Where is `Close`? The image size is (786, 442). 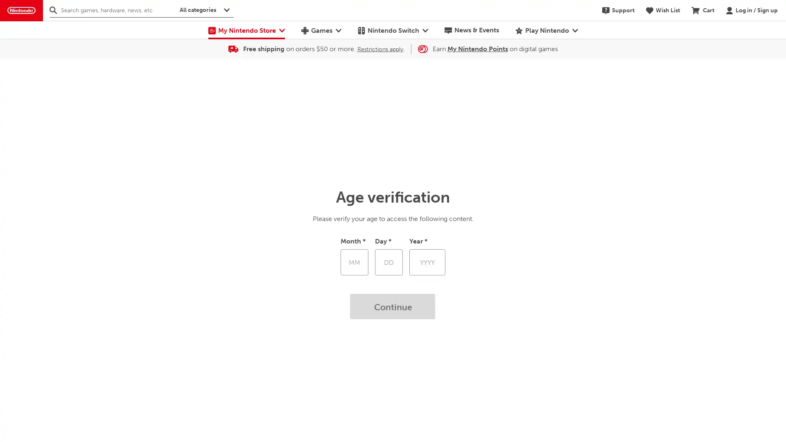
Close is located at coordinates (774, 47).